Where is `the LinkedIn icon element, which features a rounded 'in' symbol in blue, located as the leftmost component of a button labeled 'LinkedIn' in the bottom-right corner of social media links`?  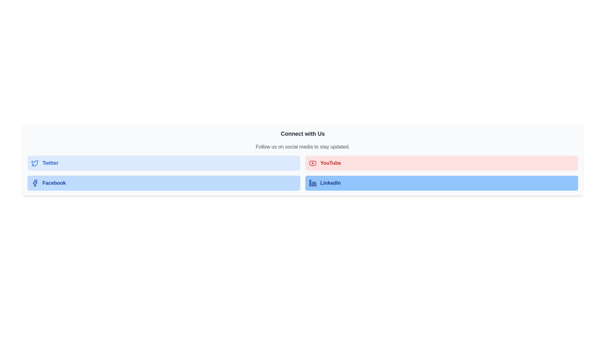 the LinkedIn icon element, which features a rounded 'in' symbol in blue, located as the leftmost component of a button labeled 'LinkedIn' in the bottom-right corner of social media links is located at coordinates (313, 183).